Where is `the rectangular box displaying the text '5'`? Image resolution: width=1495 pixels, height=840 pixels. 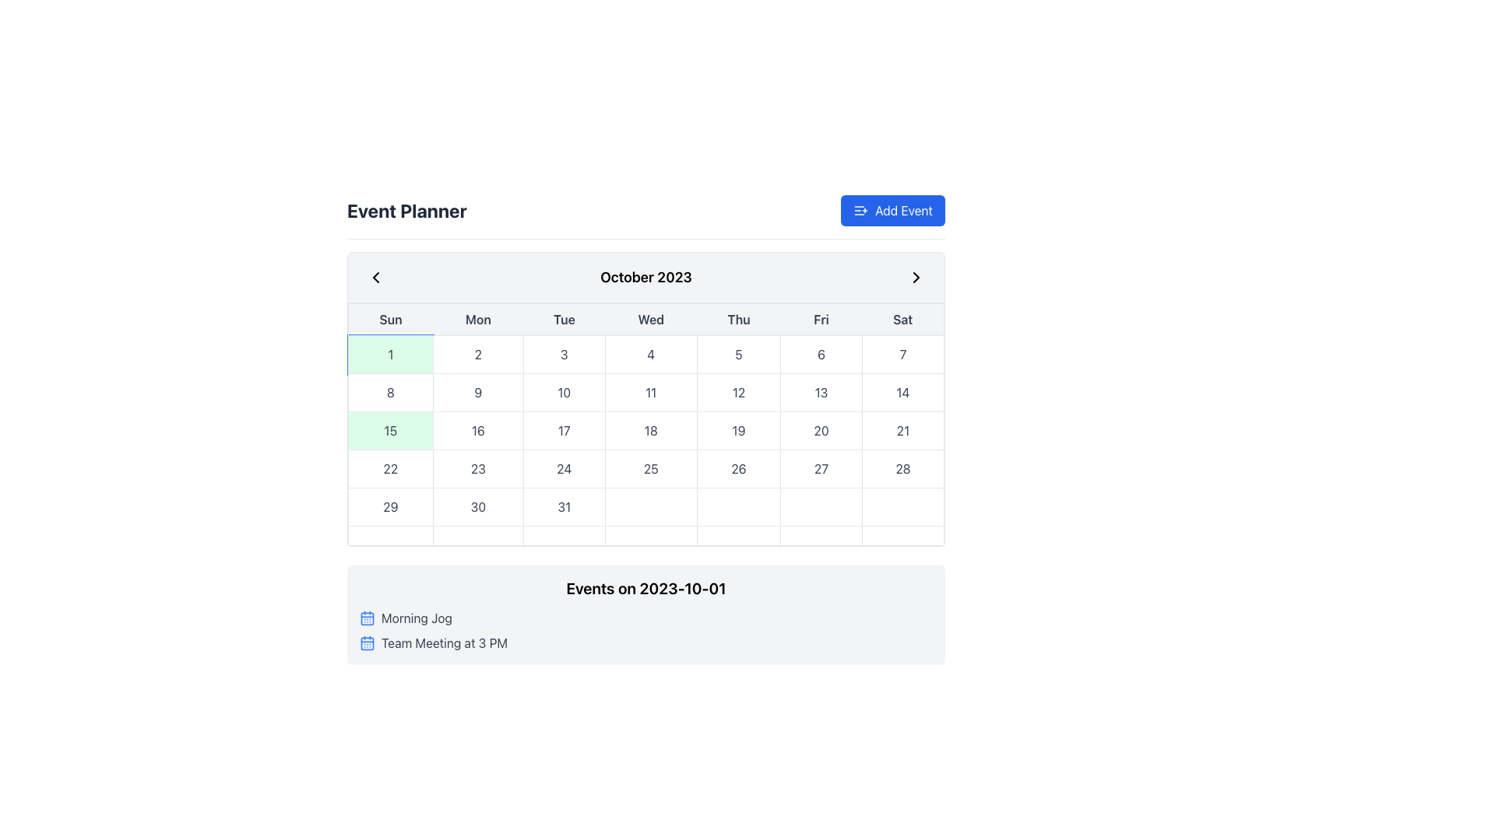 the rectangular box displaying the text '5' is located at coordinates (738, 354).